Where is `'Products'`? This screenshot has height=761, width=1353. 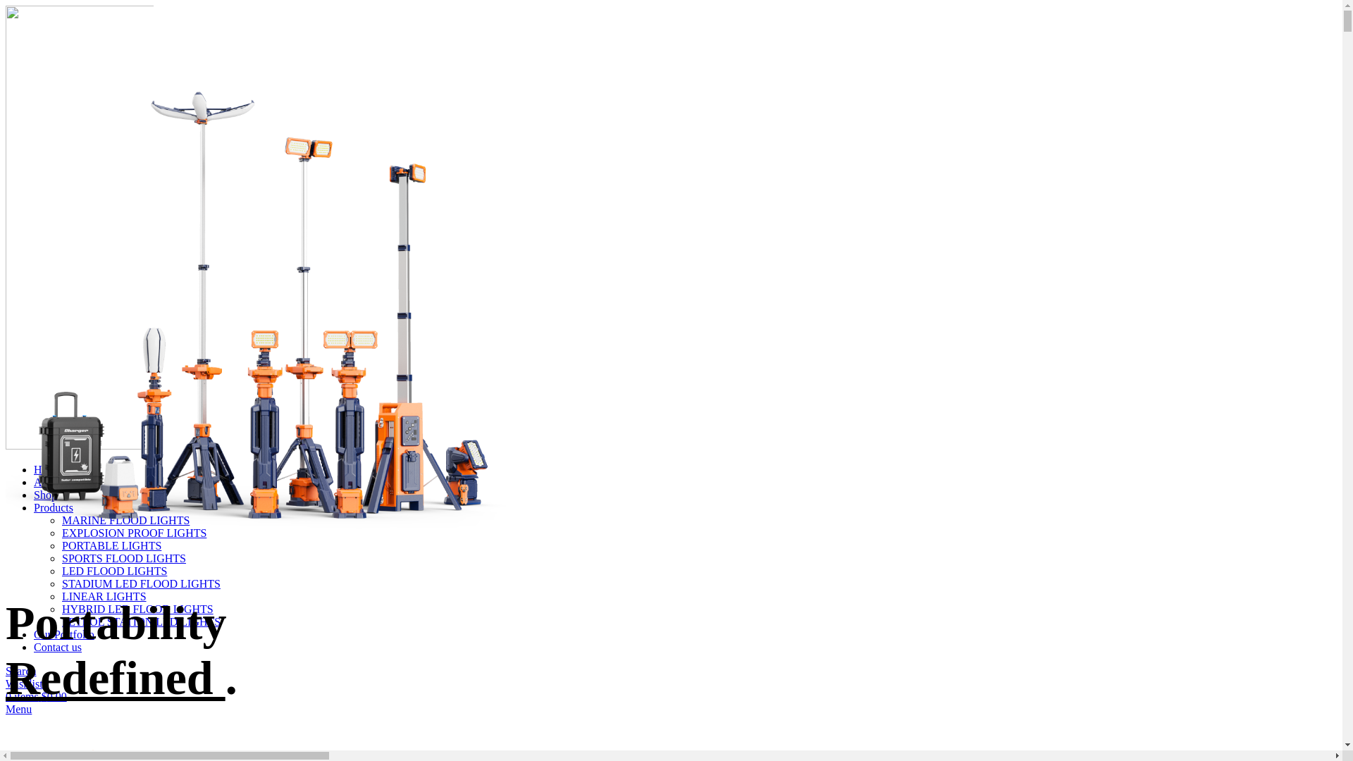
'Products' is located at coordinates (54, 507).